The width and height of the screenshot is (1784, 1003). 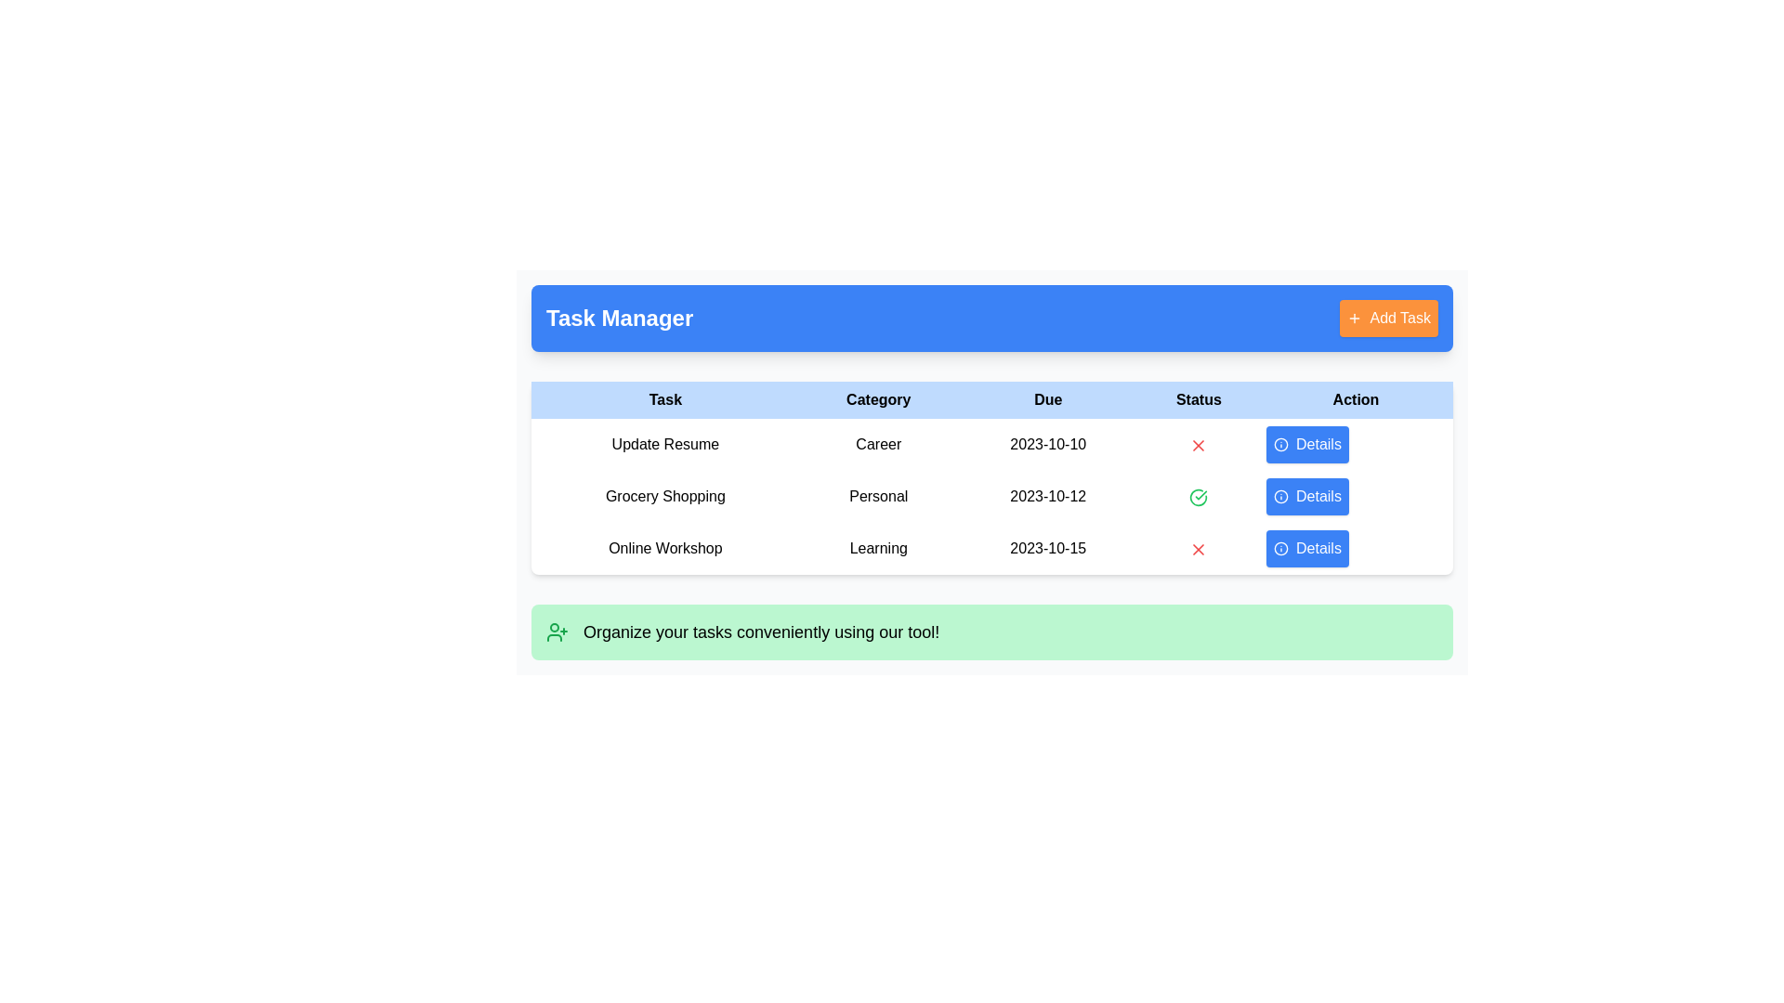 I want to click on the circular icon with an 'i' symbol, which is part of the button labeled 'Details' in the second row of the Actions column, so click(x=1279, y=496).